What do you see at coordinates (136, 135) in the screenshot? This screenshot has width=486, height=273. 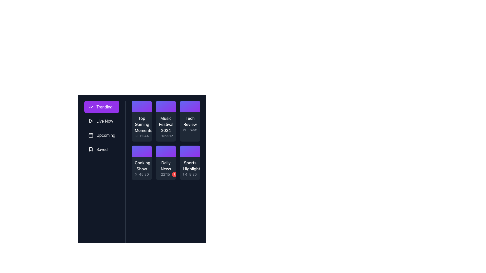 I see `the clock icon, which is characterized by a circular outline and two hands, located to the left of the text '12:44' in the 'Trending' panel under 'Top Gaming Moments'` at bounding box center [136, 135].